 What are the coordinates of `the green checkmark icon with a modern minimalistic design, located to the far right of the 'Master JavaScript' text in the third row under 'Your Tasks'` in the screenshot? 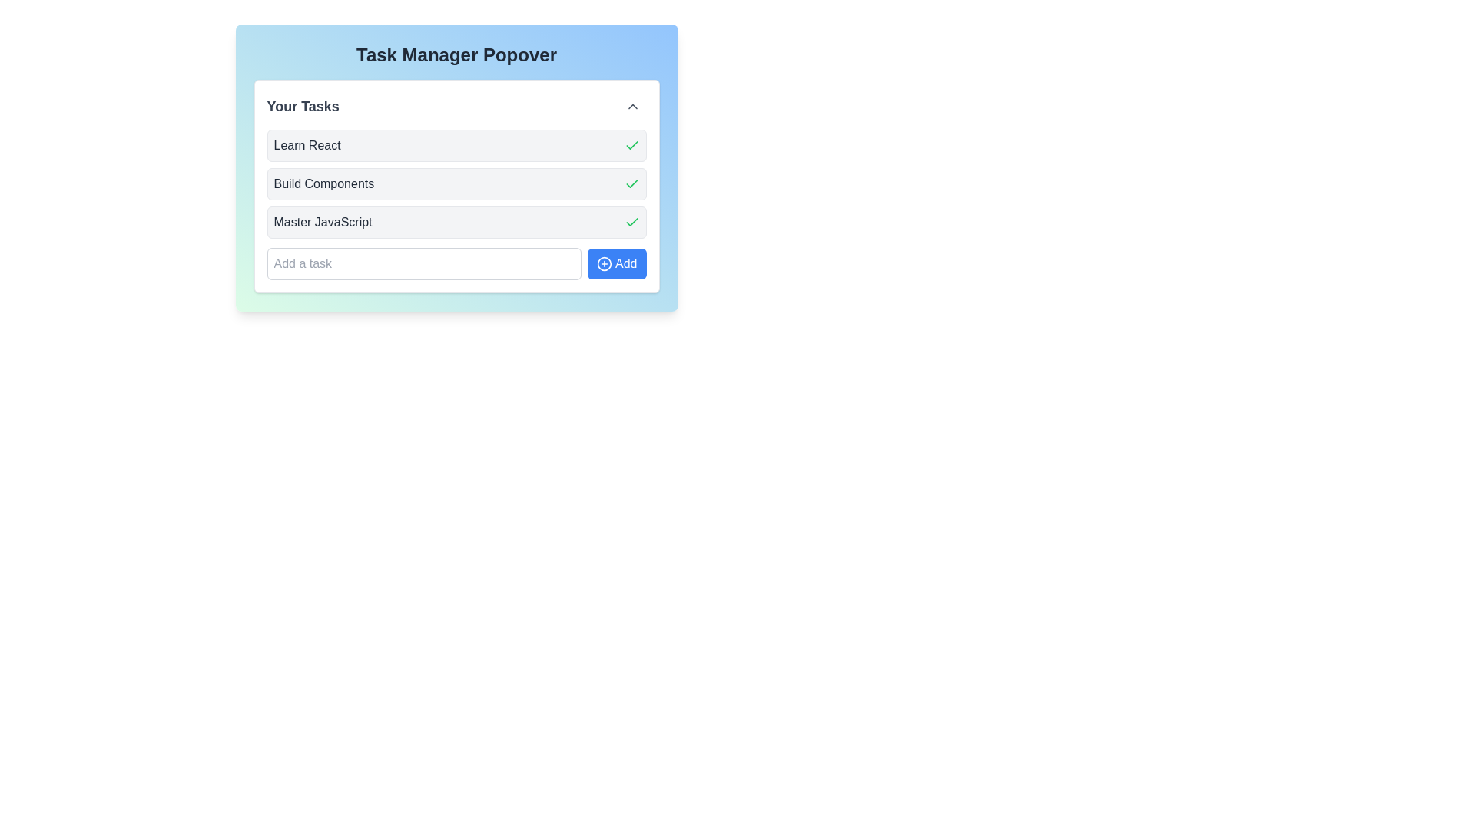 It's located at (631, 222).